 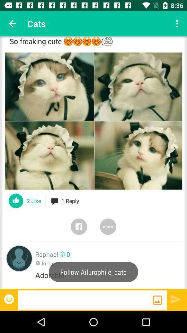 What do you see at coordinates (157, 300) in the screenshot?
I see `open photo gallery` at bounding box center [157, 300].